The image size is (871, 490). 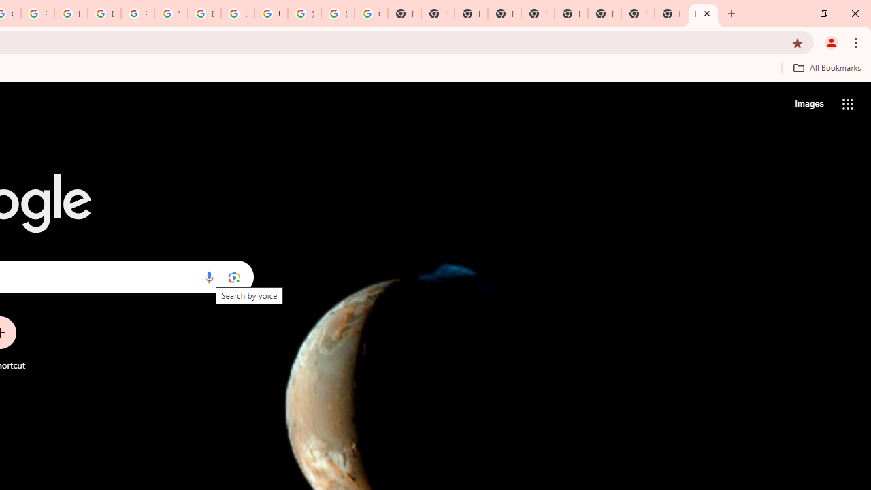 I want to click on 'Privacy Help Center - Policies Help', so click(x=70, y=14).